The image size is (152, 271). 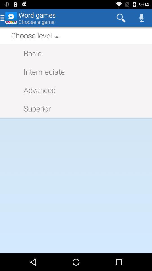 I want to click on superior icon, so click(x=34, y=108).